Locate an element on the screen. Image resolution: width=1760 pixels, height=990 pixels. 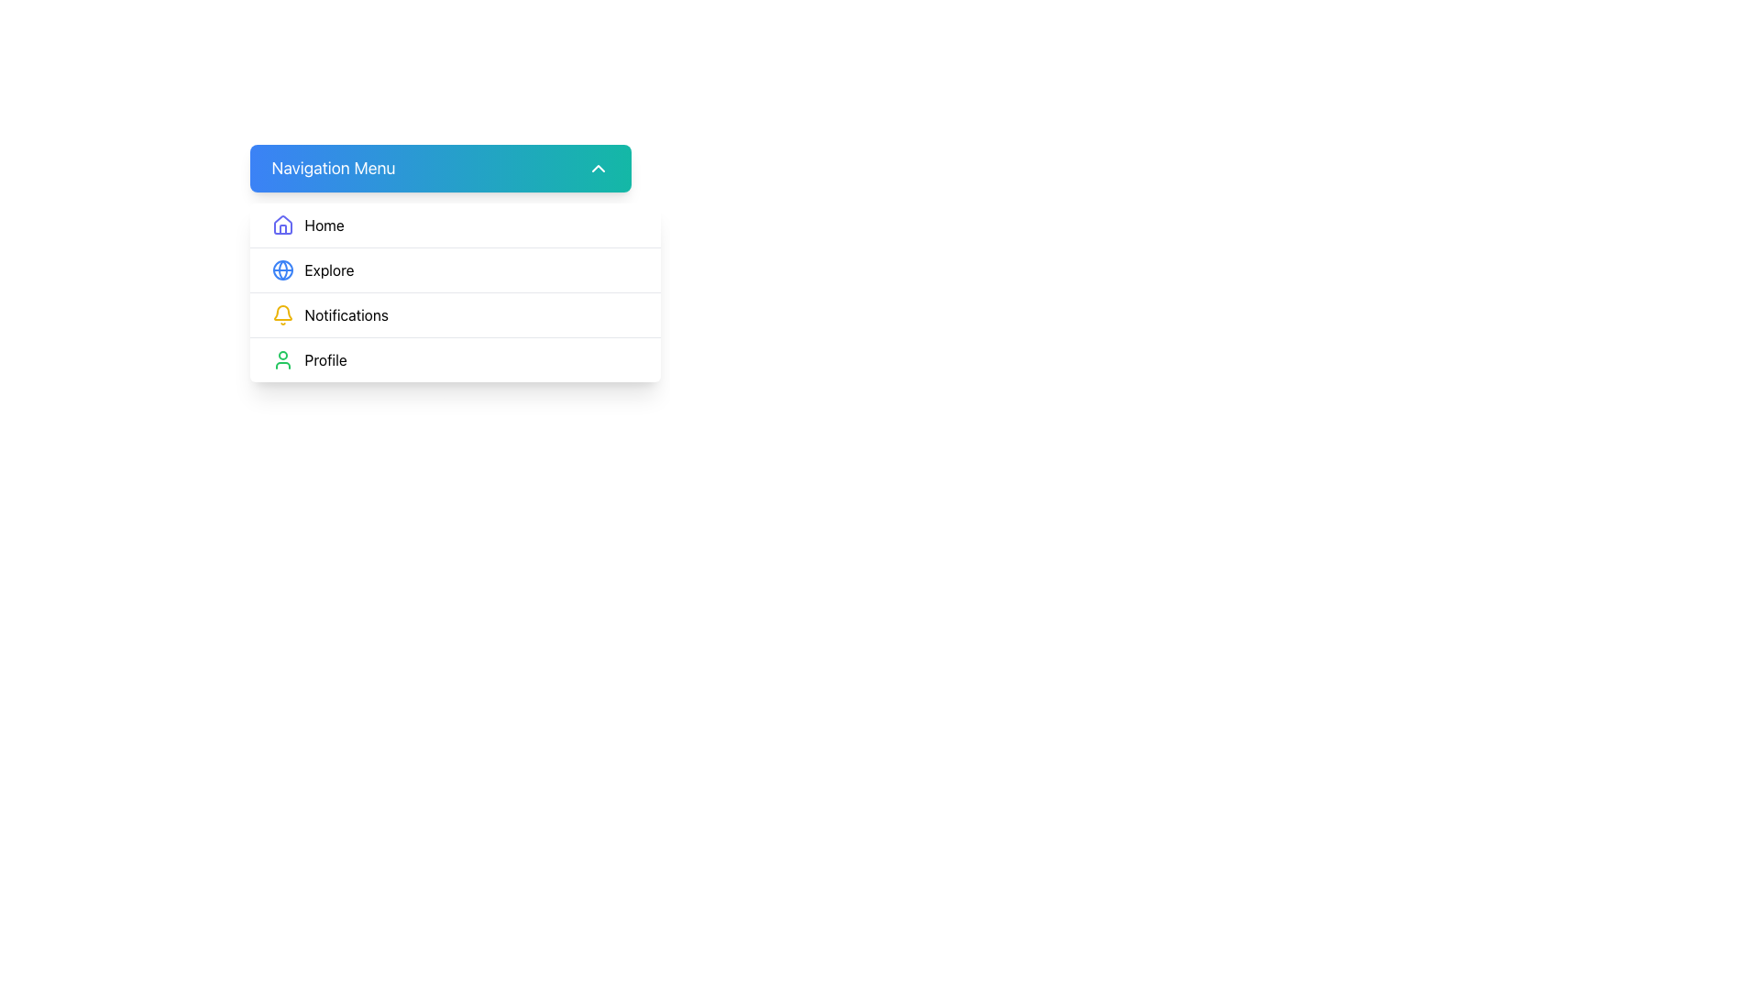
the icon located at the right end of the navigation menu header is located at coordinates (598, 169).